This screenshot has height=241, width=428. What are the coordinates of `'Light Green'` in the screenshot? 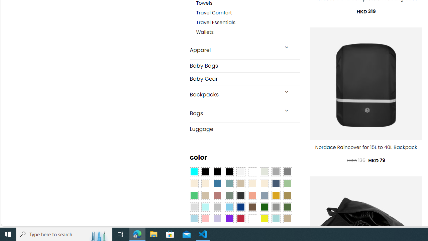 It's located at (288, 184).